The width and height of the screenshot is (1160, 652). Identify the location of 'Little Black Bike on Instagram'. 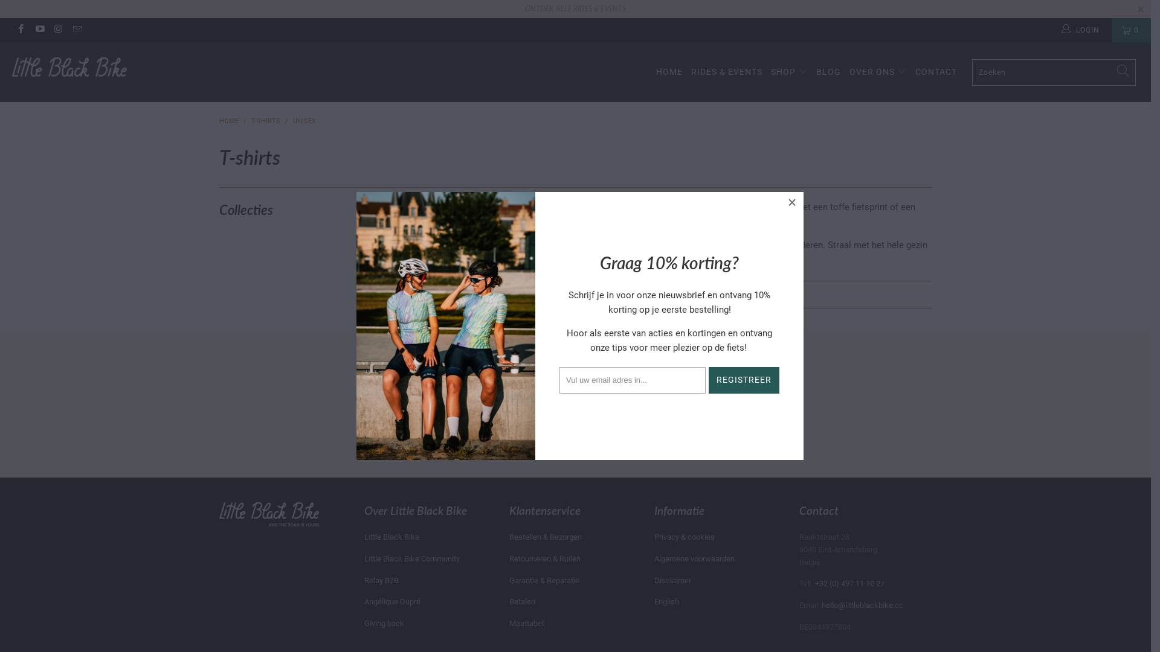
(57, 30).